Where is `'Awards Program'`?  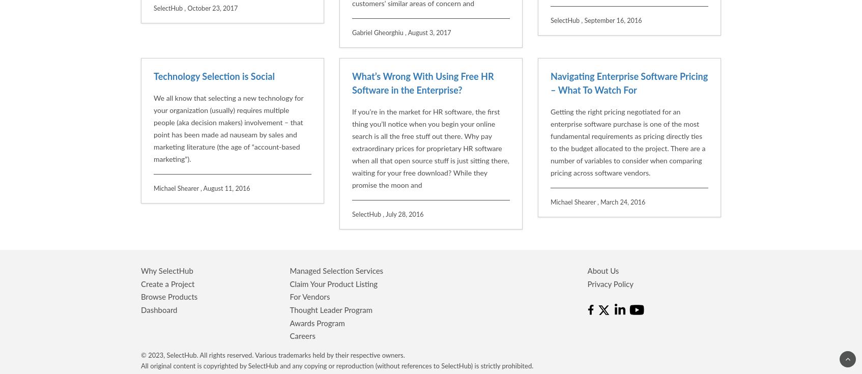
'Awards Program' is located at coordinates (290, 219).